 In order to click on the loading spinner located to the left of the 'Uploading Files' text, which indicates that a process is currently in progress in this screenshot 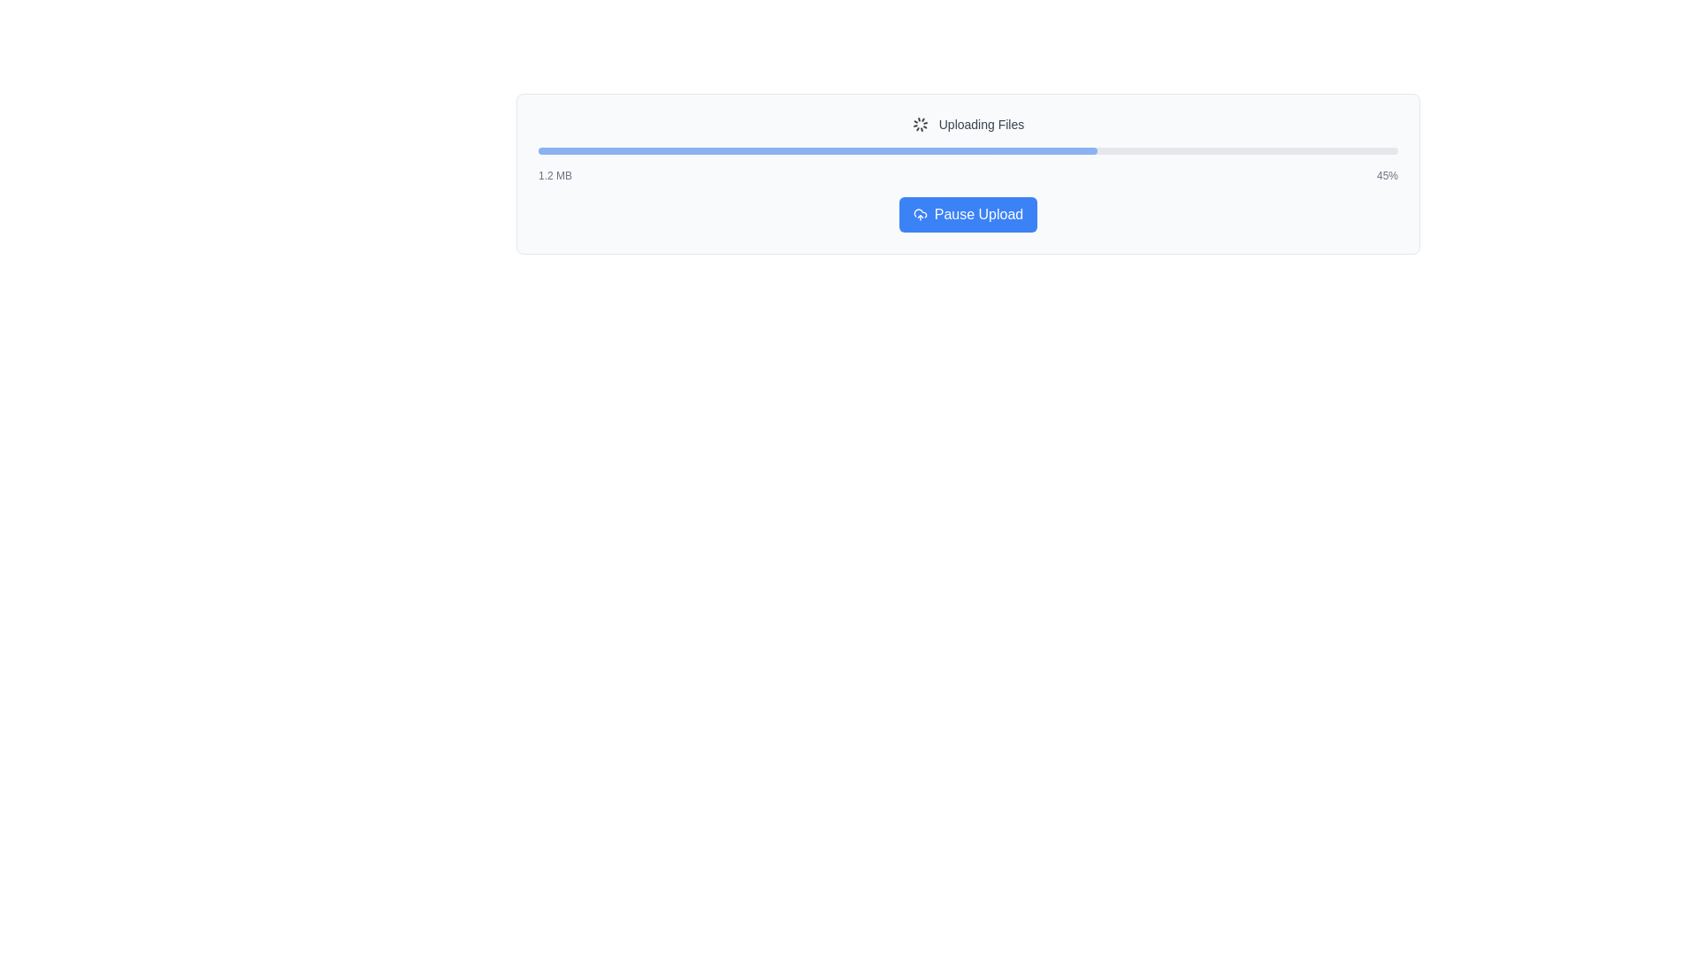, I will do `click(920, 124)`.